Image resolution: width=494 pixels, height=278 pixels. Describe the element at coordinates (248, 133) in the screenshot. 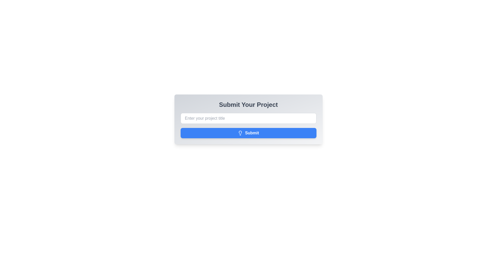

I see `the blue 'Submit' button with a lightbulb icon` at that location.